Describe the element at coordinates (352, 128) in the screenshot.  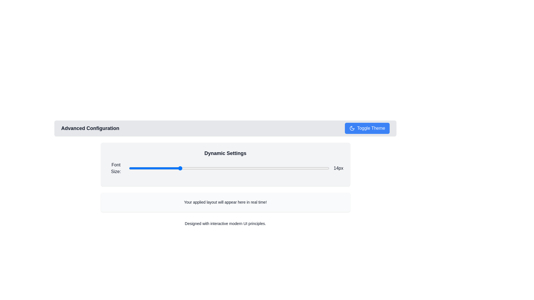
I see `the moon icon within the 'Toggle Theme' button, which signifies a dark or night mode toggle` at that location.